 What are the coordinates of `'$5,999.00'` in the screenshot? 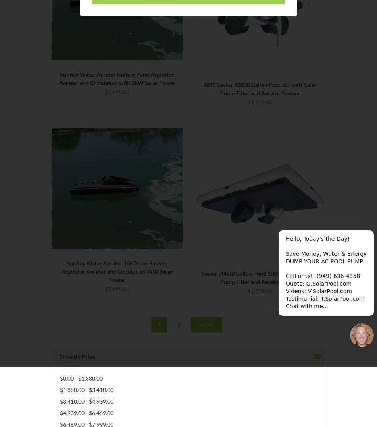 It's located at (116, 91).